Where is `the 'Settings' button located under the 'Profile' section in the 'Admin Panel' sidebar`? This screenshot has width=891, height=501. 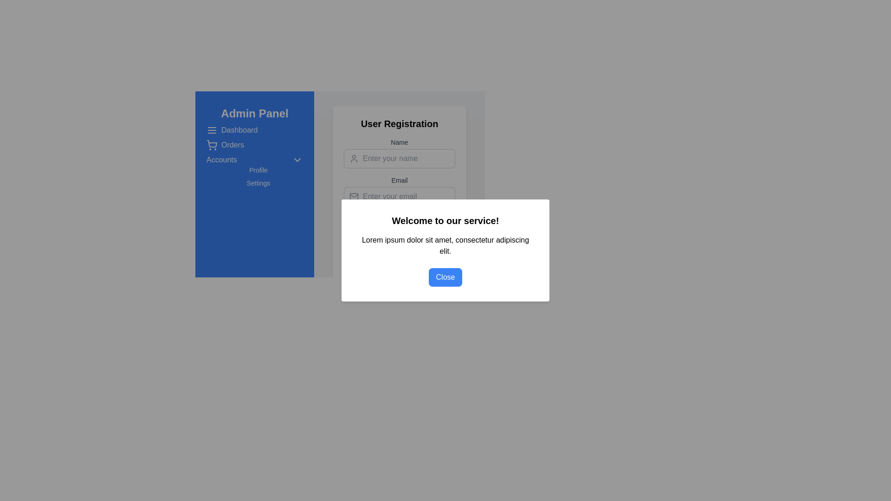 the 'Settings' button located under the 'Profile' section in the 'Admin Panel' sidebar is located at coordinates (258, 183).